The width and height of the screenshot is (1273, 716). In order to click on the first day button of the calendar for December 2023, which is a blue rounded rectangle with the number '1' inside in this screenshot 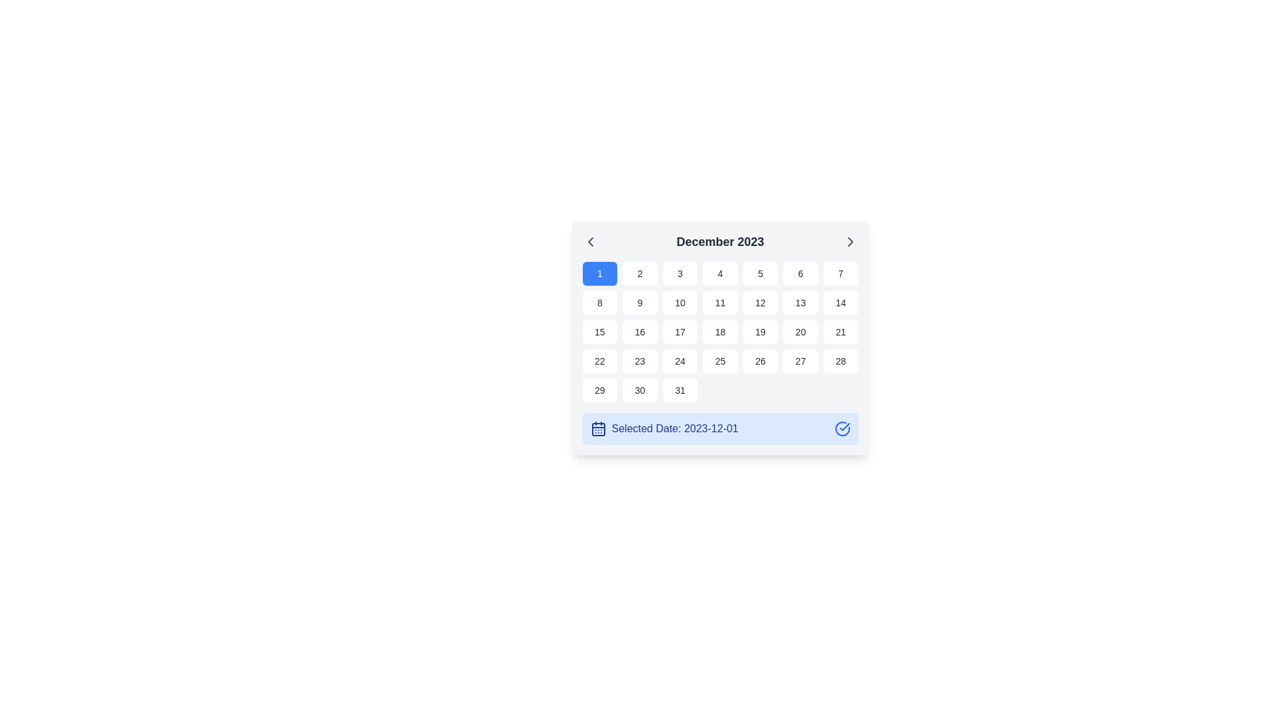, I will do `click(599, 272)`.